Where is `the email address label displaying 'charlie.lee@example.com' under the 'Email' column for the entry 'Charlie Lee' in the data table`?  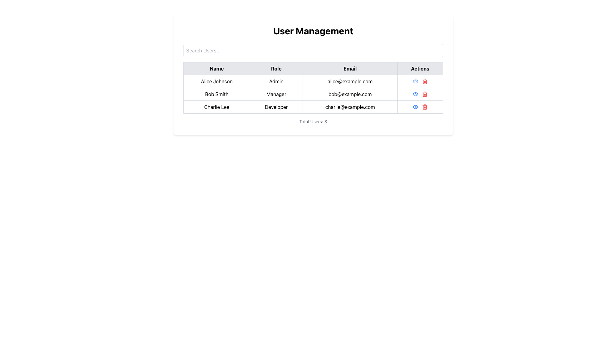 the email address label displaying 'charlie.lee@example.com' under the 'Email' column for the entry 'Charlie Lee' in the data table is located at coordinates (350, 107).